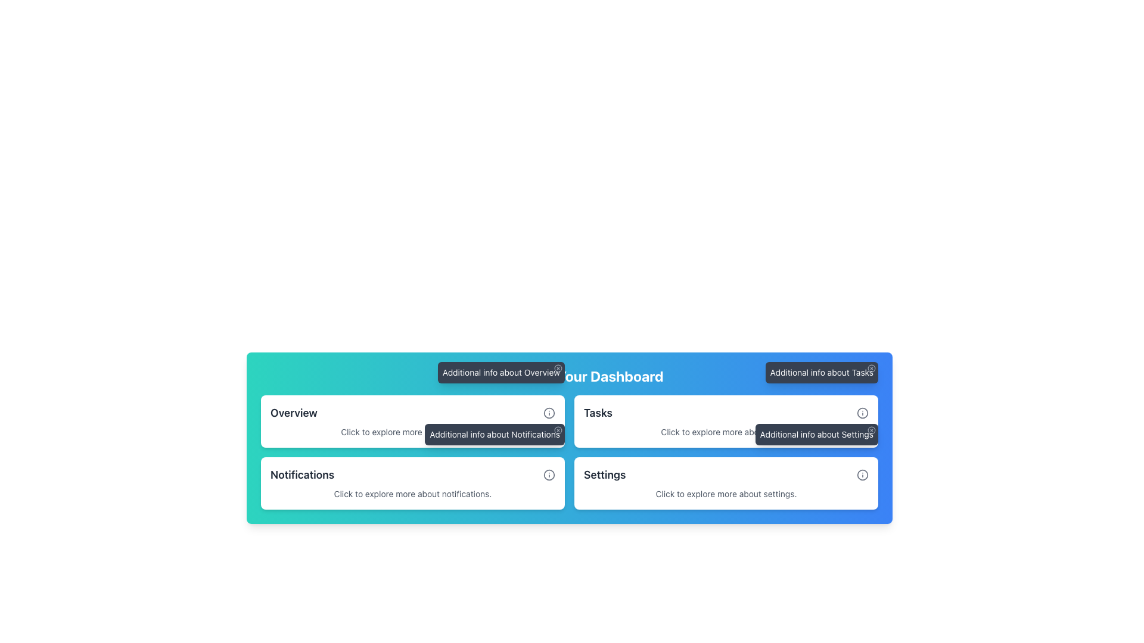 Image resolution: width=1144 pixels, height=643 pixels. What do you see at coordinates (863, 413) in the screenshot?
I see `the circular vector graphic icon located in the top-right area of the 'Settings' card` at bounding box center [863, 413].